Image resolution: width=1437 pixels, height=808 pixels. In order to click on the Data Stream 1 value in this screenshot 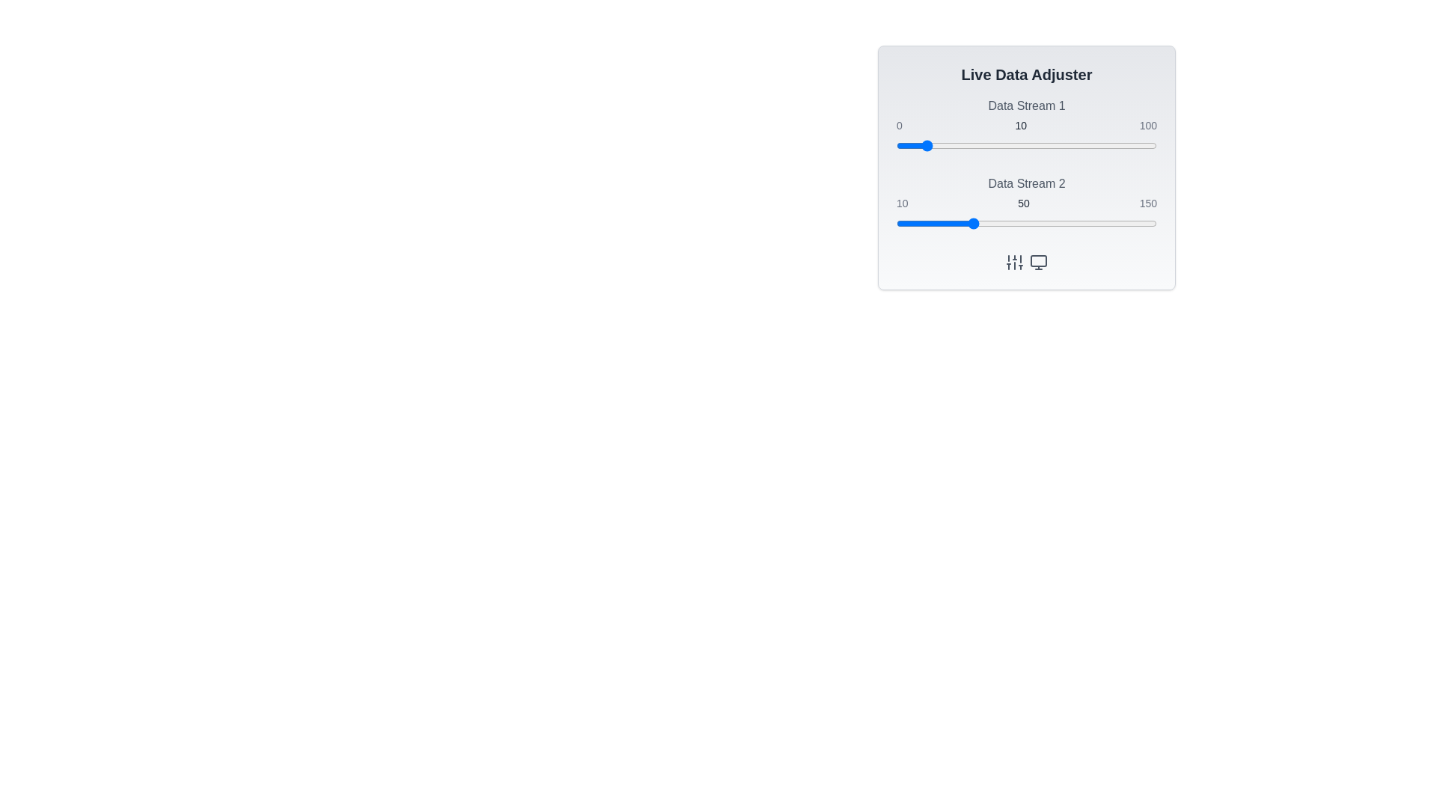, I will do `click(990, 146)`.